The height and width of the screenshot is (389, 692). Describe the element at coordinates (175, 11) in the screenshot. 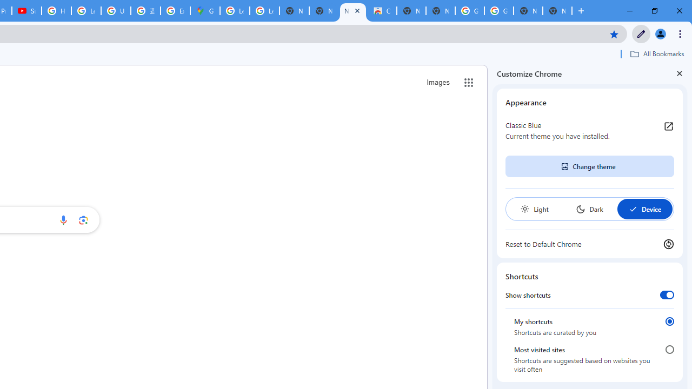

I see `'Explore new street-level details - Google Maps Help'` at that location.